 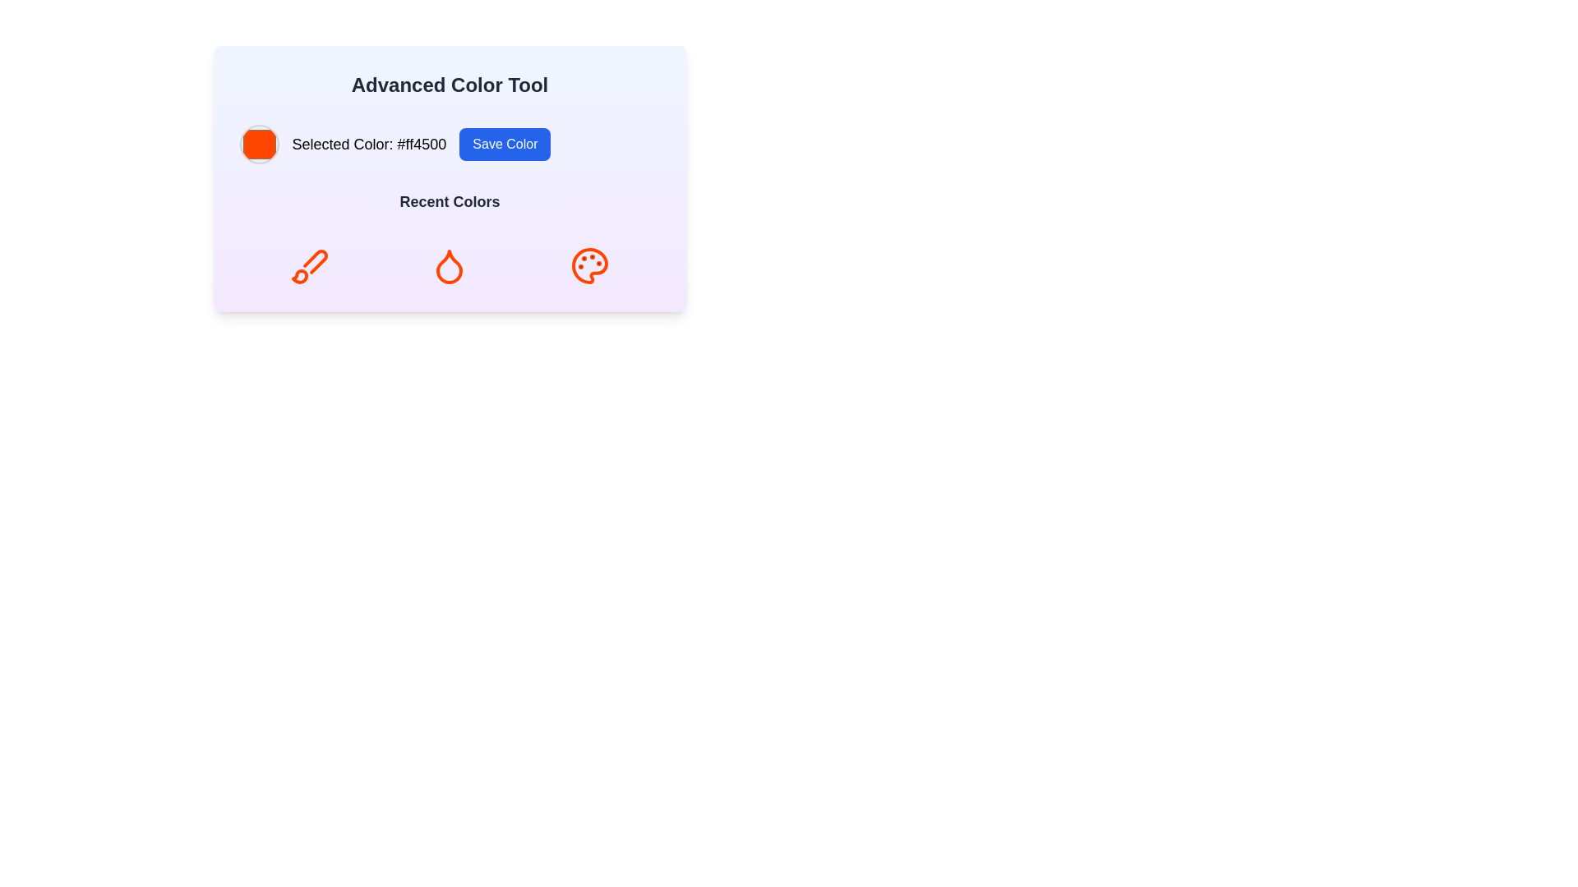 What do you see at coordinates (504, 144) in the screenshot?
I see `the 'Save Color' button with a blue background and rounded corners` at bounding box center [504, 144].